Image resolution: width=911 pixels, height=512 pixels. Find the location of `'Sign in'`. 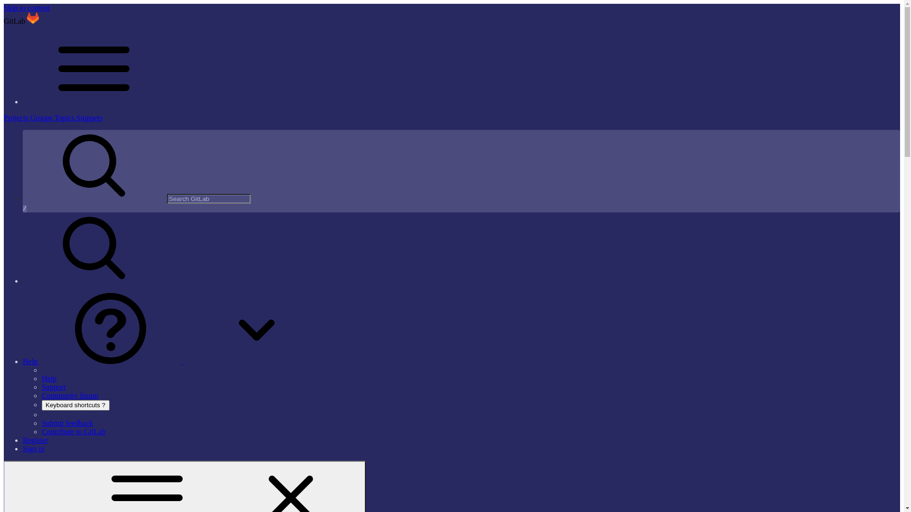

'Sign in' is located at coordinates (34, 448).